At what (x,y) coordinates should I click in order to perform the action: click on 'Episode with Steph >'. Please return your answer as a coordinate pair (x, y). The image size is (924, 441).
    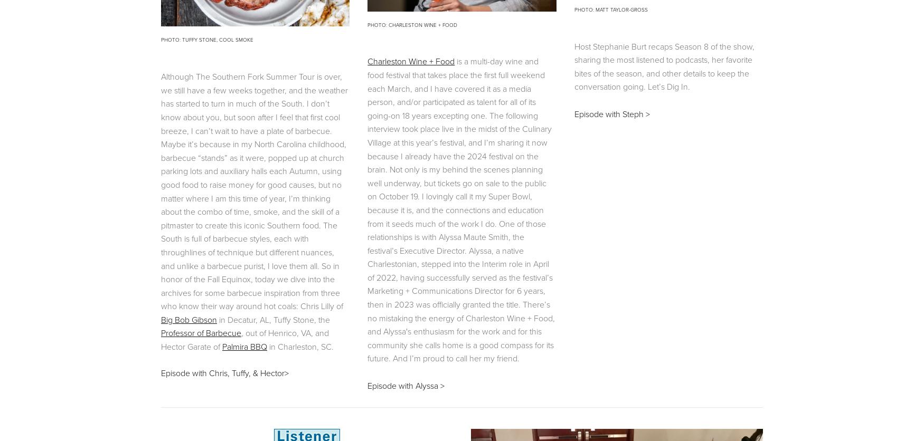
    Looking at the image, I should click on (611, 113).